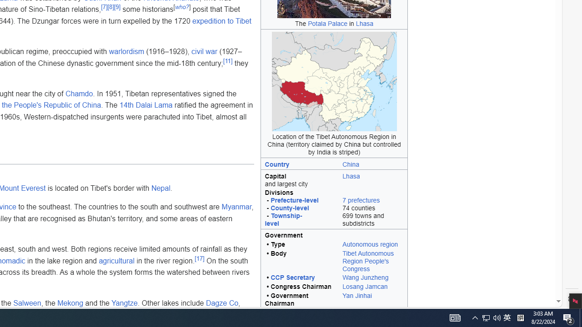 This screenshot has width=582, height=327. Describe the element at coordinates (373, 245) in the screenshot. I see `'Autonomous region'` at that location.